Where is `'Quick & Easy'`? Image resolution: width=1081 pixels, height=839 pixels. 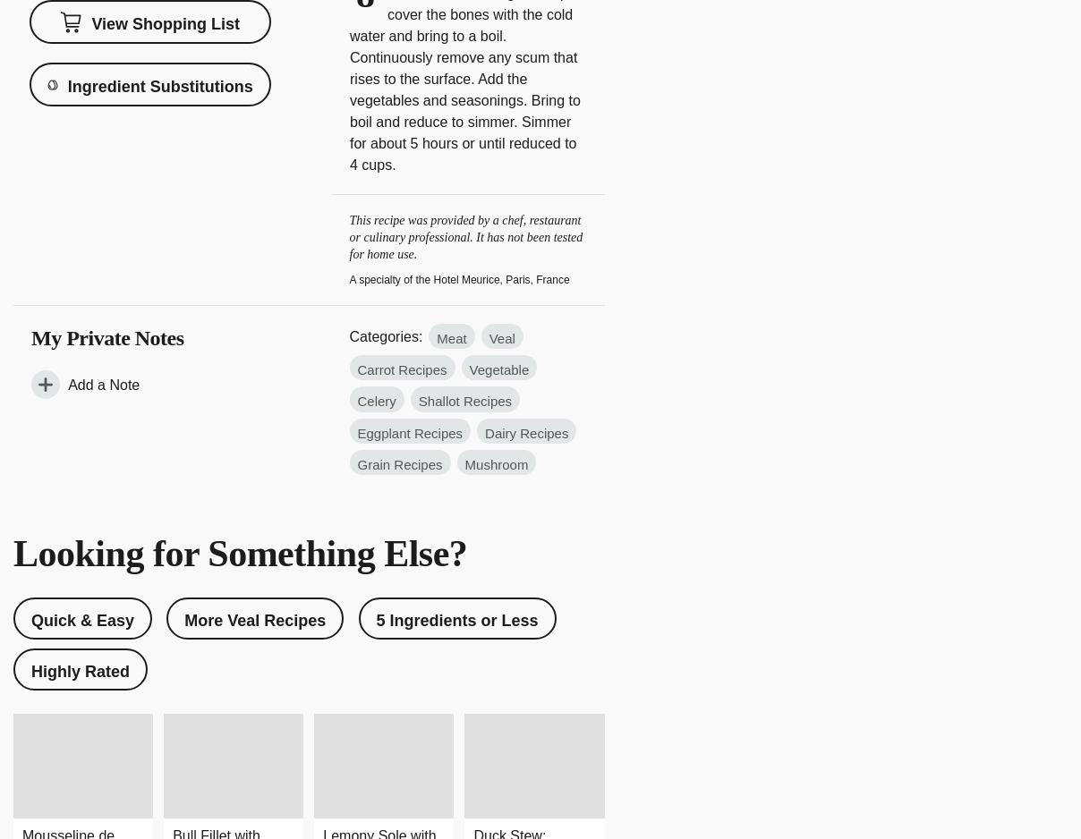 'Quick & Easy' is located at coordinates (81, 619).